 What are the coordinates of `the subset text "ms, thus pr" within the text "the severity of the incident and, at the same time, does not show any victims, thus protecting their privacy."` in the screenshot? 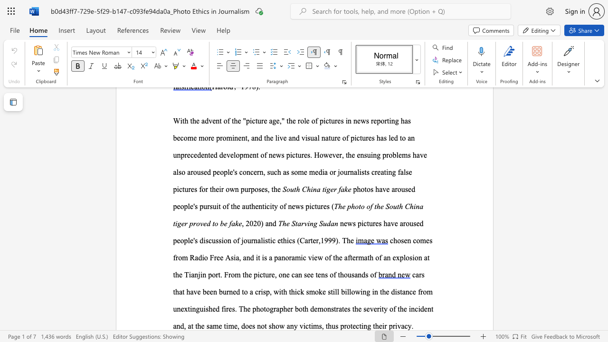 It's located at (313, 325).